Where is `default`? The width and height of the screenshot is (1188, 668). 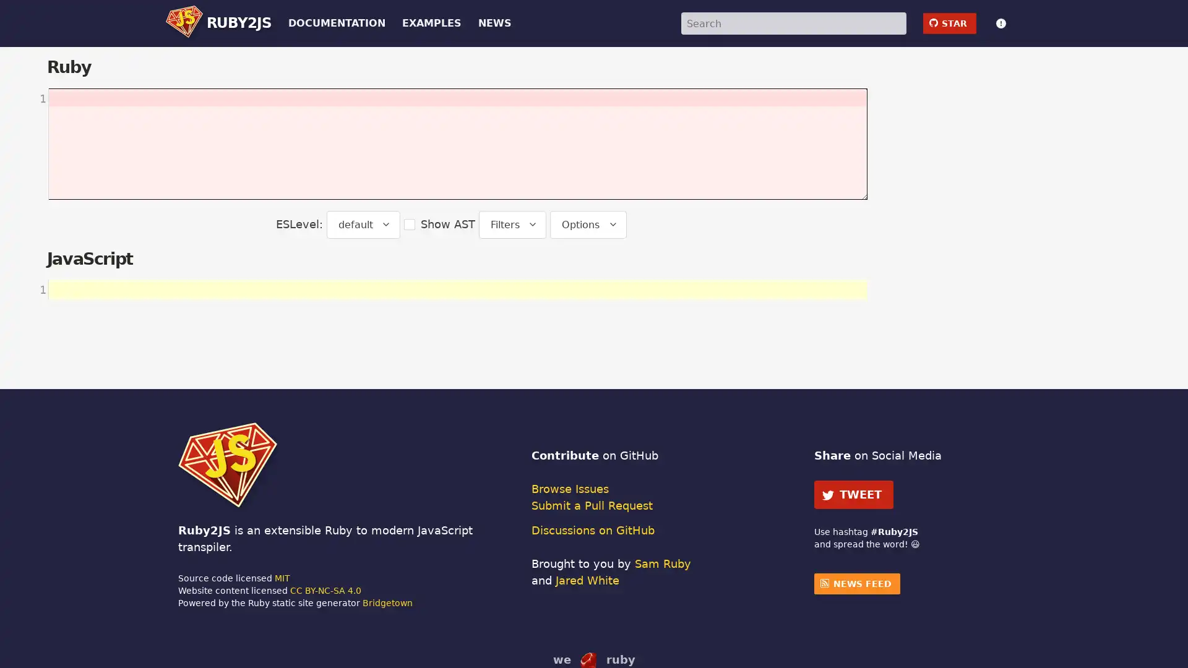
default is located at coordinates (362, 224).